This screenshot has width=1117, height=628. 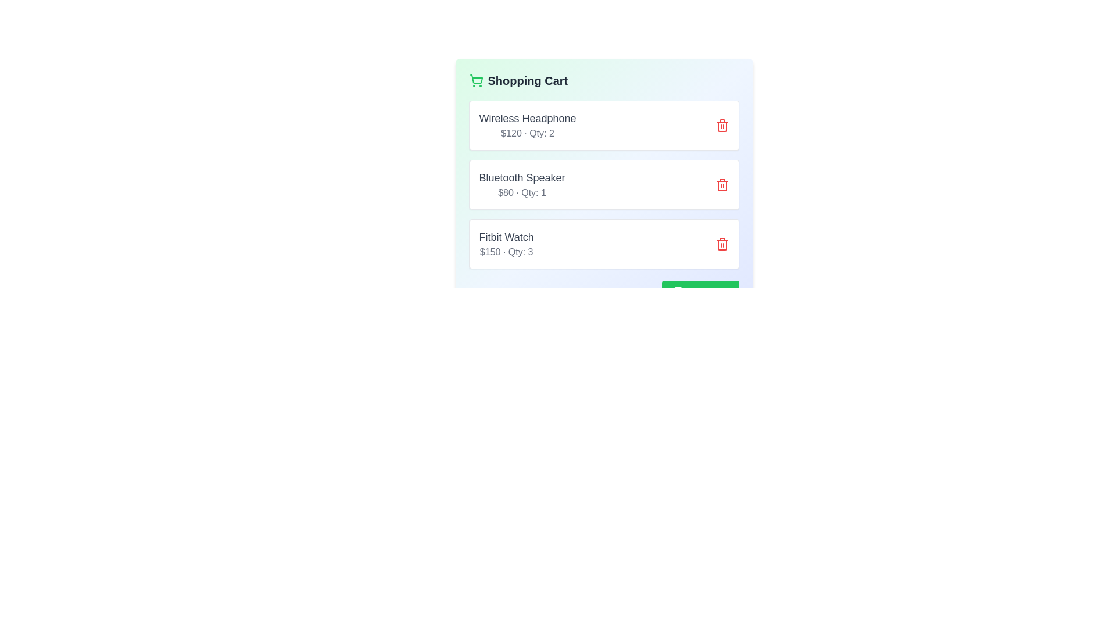 What do you see at coordinates (721, 184) in the screenshot?
I see `delete button next to the item Bluetooth Speaker to remove it from the cart` at bounding box center [721, 184].